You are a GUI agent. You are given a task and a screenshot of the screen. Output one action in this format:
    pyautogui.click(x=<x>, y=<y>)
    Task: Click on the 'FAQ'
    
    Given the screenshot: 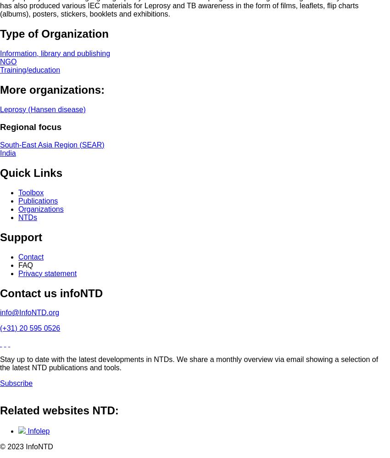 What is the action you would take?
    pyautogui.click(x=26, y=265)
    